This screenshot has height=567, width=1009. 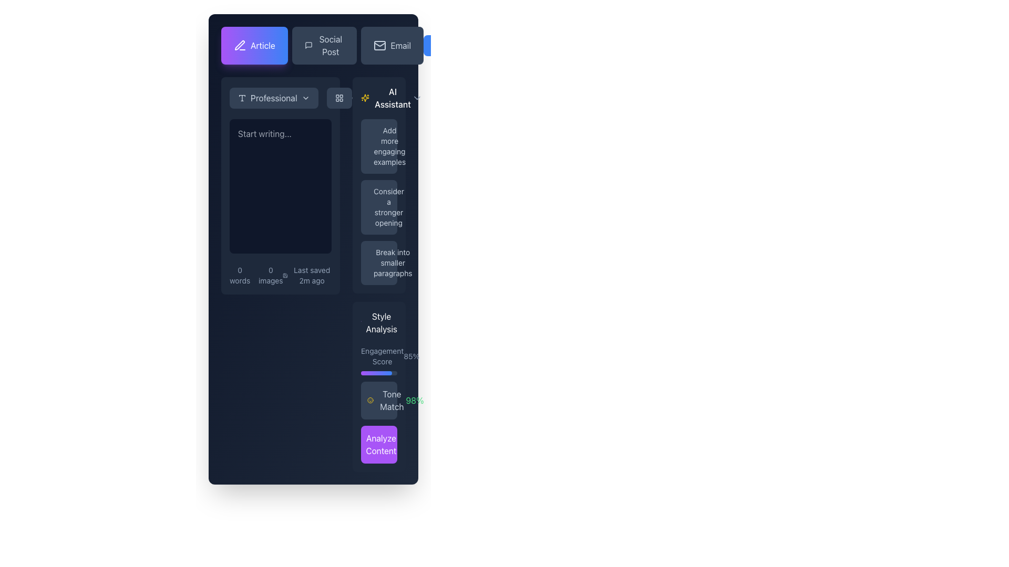 I want to click on the circular part of the smiley face icon, which is a decorative element under the 'Style Analysis' heading and near the 'Tone Match' indicator, so click(x=370, y=401).